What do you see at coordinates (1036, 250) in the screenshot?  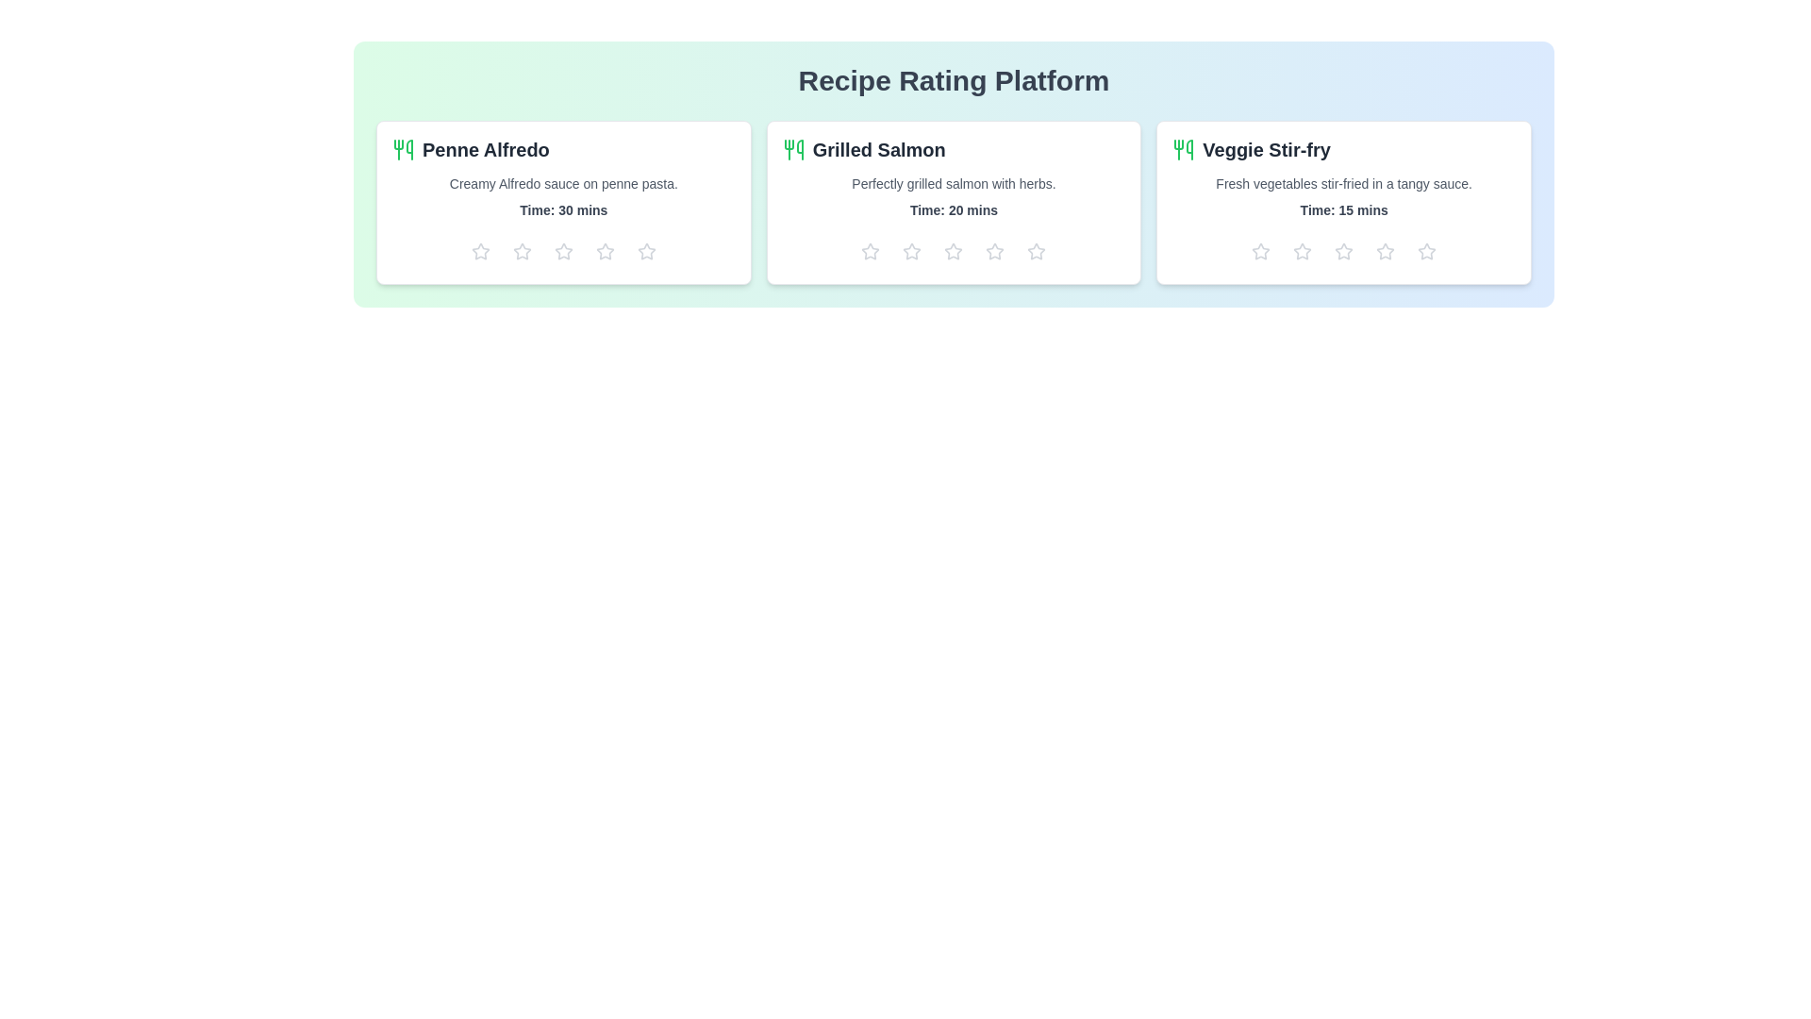 I see `the star icon to set the rating to 5 for the recipe Grilled Salmon` at bounding box center [1036, 250].